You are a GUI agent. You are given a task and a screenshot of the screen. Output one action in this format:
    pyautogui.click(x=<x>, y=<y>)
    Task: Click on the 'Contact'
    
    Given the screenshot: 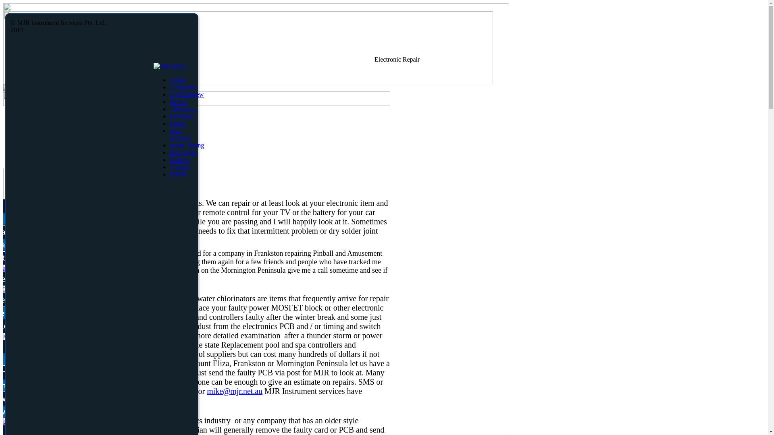 What is the action you would take?
    pyautogui.click(x=169, y=166)
    